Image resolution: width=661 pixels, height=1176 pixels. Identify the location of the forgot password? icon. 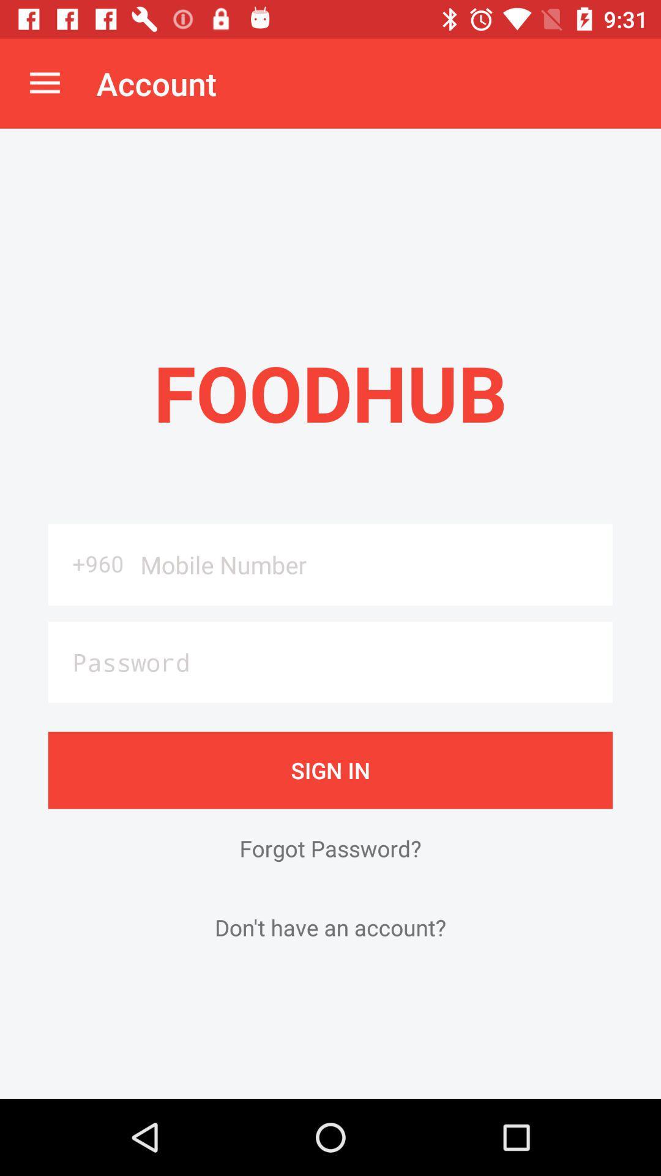
(330, 848).